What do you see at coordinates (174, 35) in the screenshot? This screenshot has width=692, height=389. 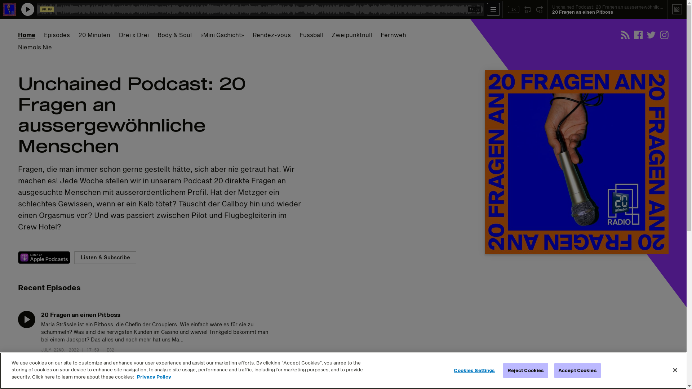 I see `'Body & Soul'` at bounding box center [174, 35].